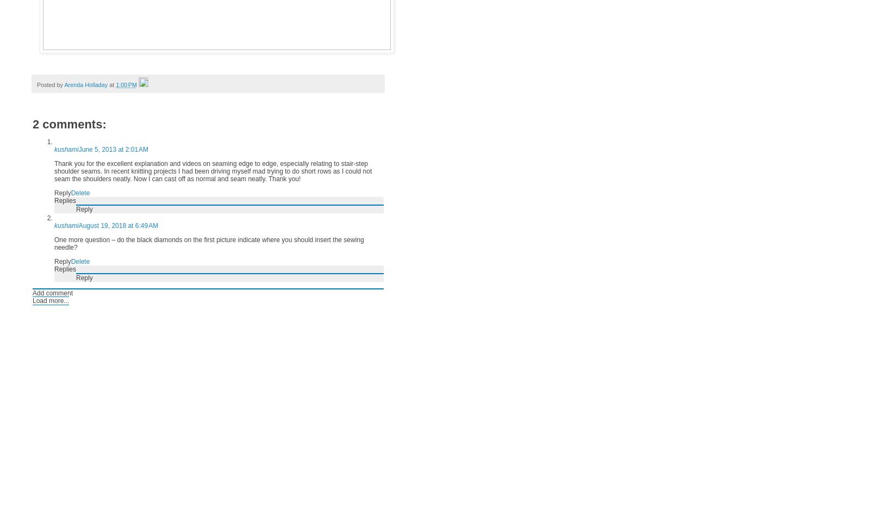 Image resolution: width=874 pixels, height=531 pixels. What do you see at coordinates (118, 225) in the screenshot?
I see `'August 19, 2018 at 6:49 AM'` at bounding box center [118, 225].